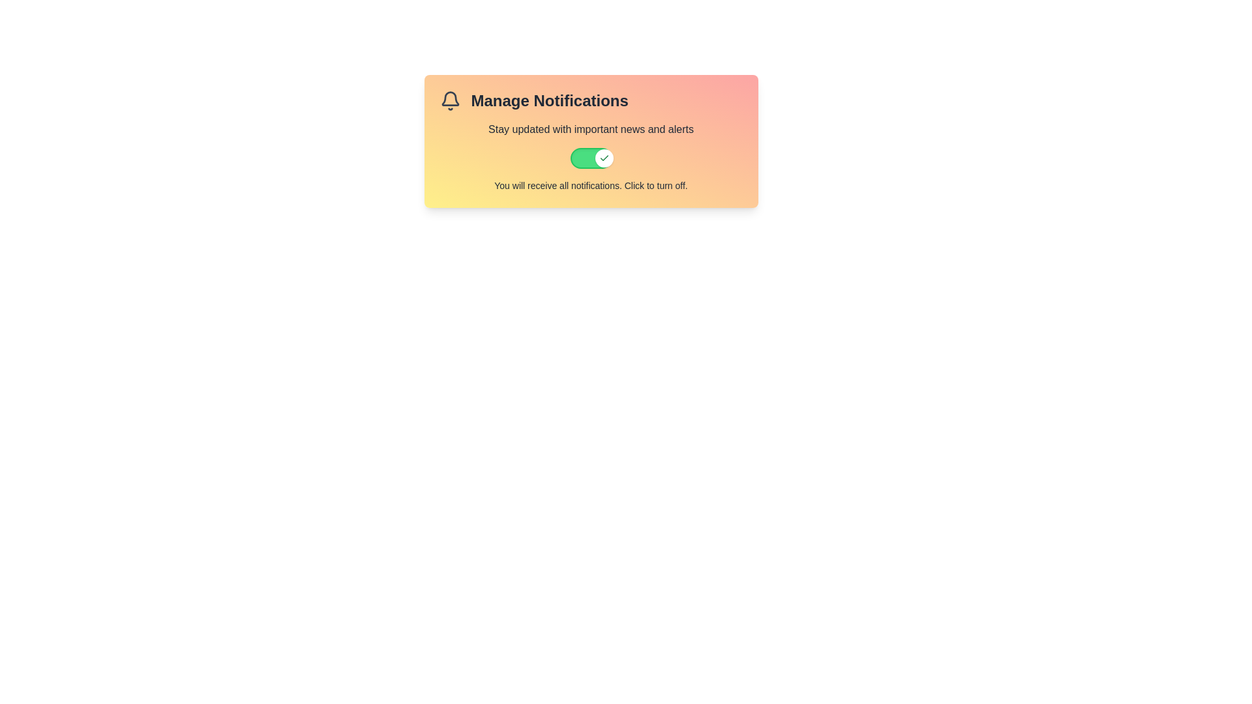 The width and height of the screenshot is (1252, 704). Describe the element at coordinates (550, 100) in the screenshot. I see `the header of the notification management card, which is styled as a static text label and serves as the title, positioned centrally at the top of the card` at that location.